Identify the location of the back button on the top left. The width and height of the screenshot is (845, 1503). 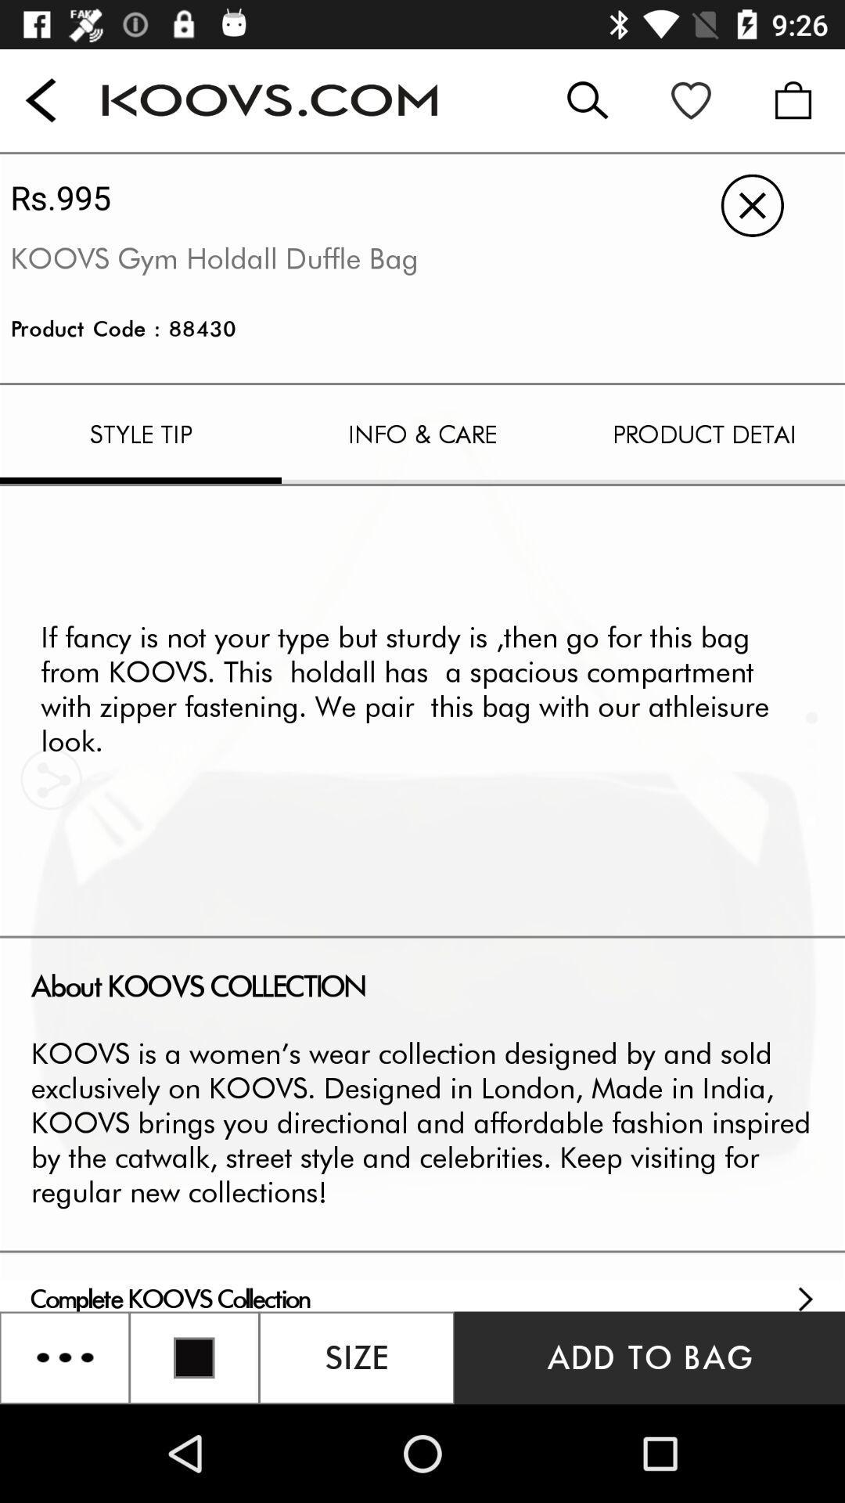
(40, 99).